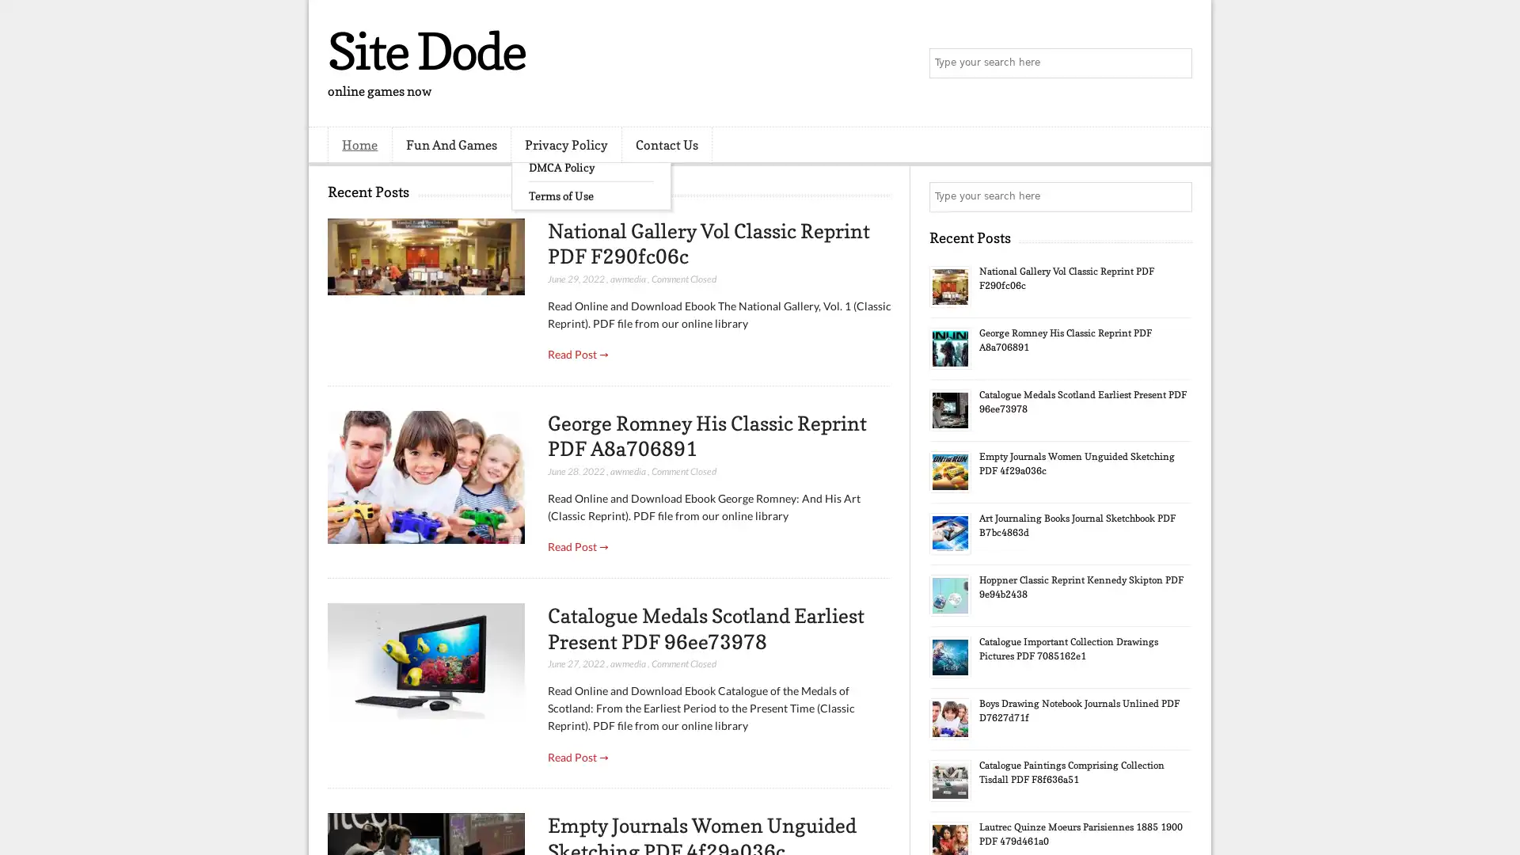  I want to click on Search, so click(1176, 63).